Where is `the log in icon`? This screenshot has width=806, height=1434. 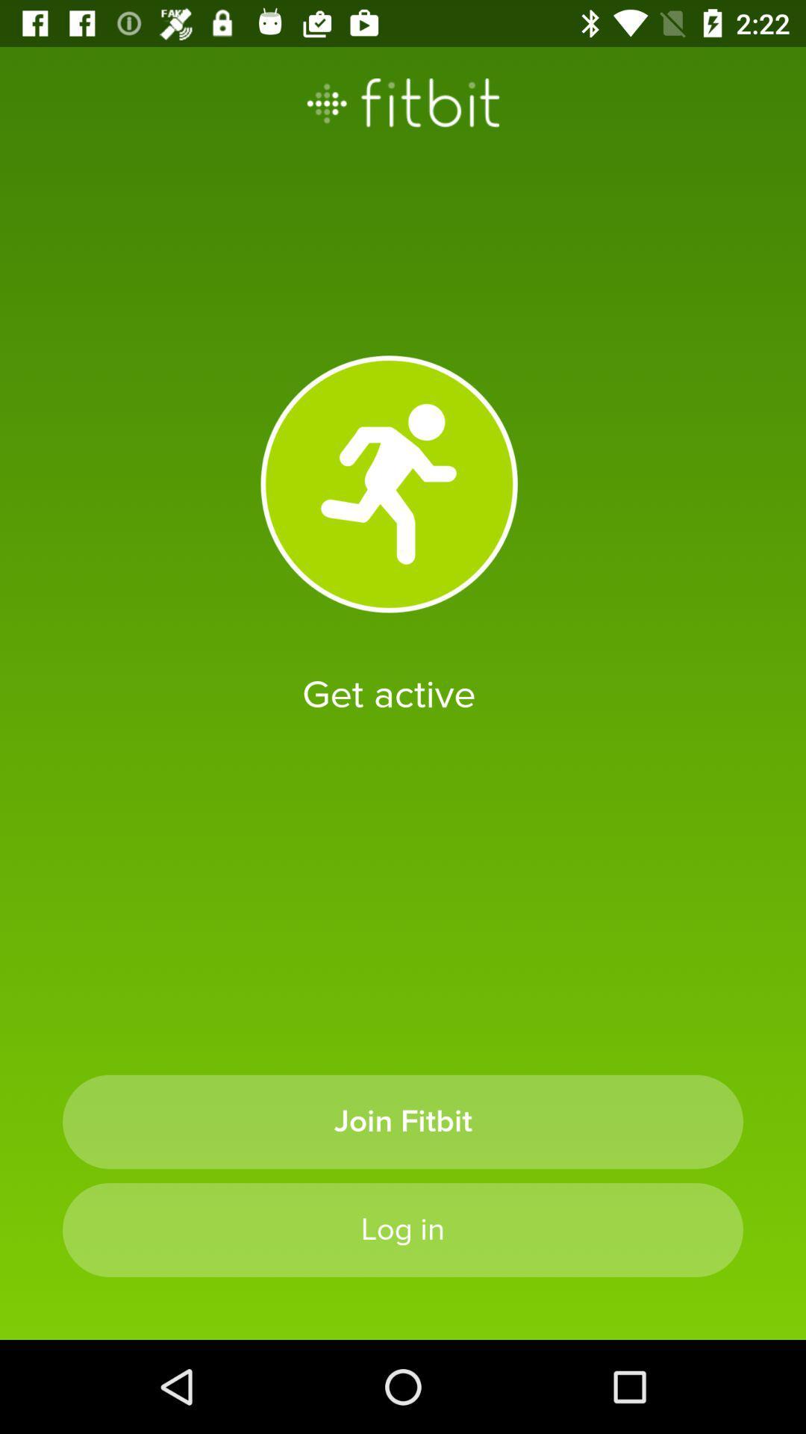
the log in icon is located at coordinates (403, 1229).